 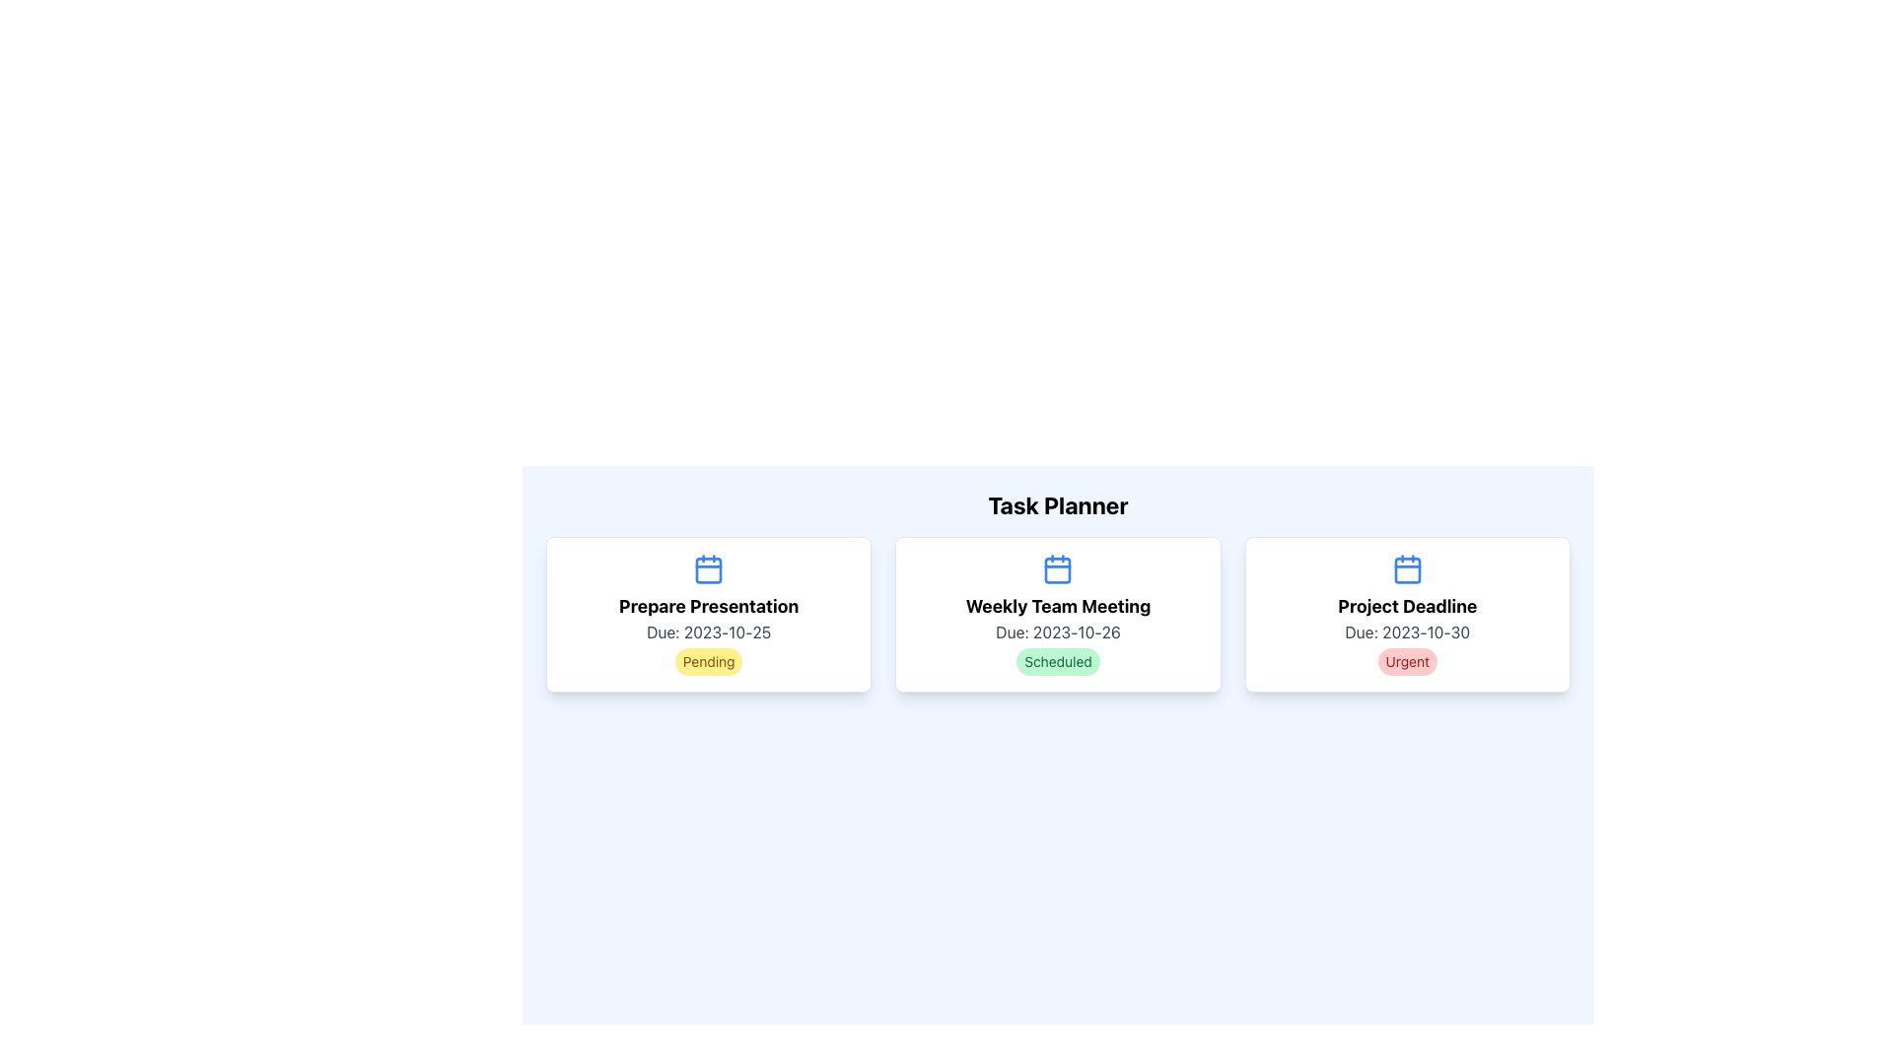 What do you see at coordinates (1057, 569) in the screenshot?
I see `the icon representing the associated date or event located in the upper section of the 'Weekly Team Meeting' card, centered horizontally above the text content` at bounding box center [1057, 569].